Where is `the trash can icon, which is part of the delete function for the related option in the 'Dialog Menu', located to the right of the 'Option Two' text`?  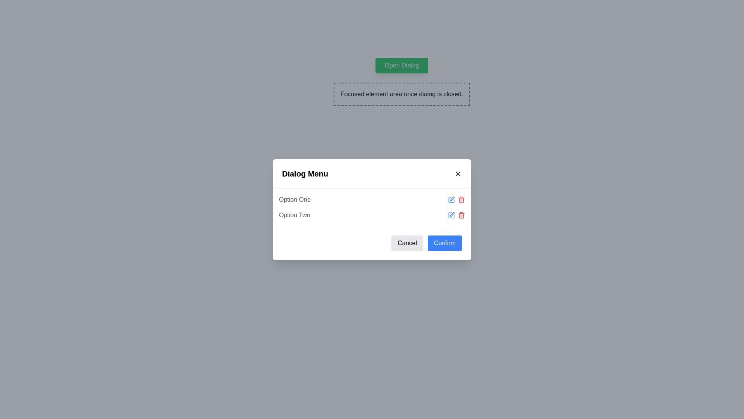 the trash can icon, which is part of the delete function for the related option in the 'Dialog Menu', located to the right of the 'Option Two' text is located at coordinates (461, 215).